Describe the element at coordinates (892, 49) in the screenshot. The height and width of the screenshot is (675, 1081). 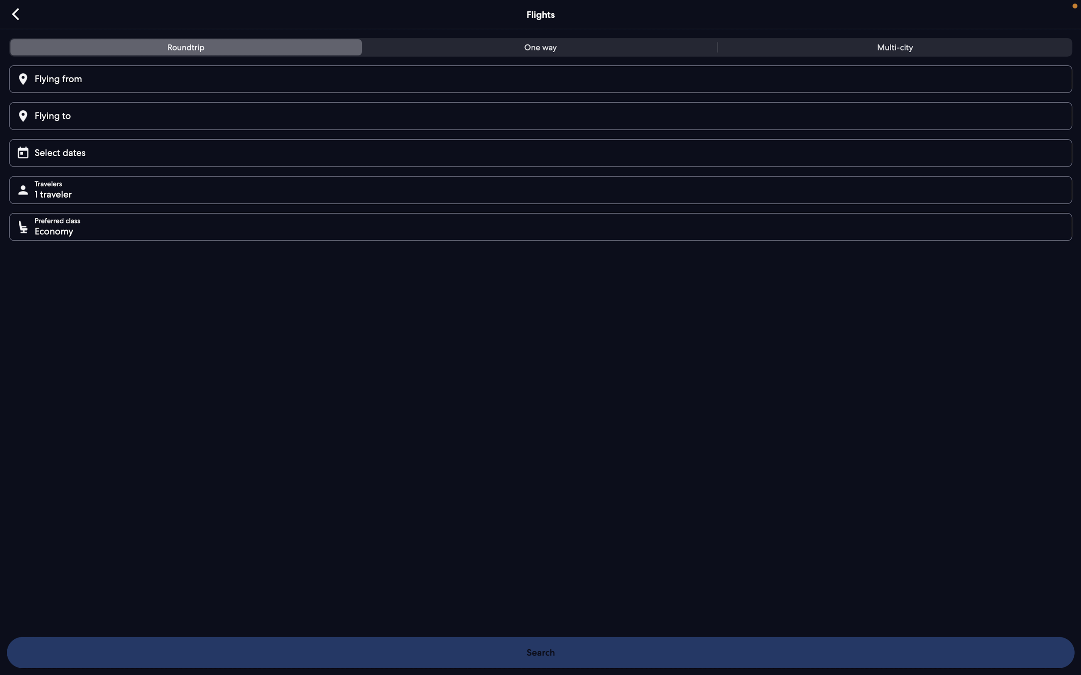
I see `the option to book flight for multiple cities` at that location.